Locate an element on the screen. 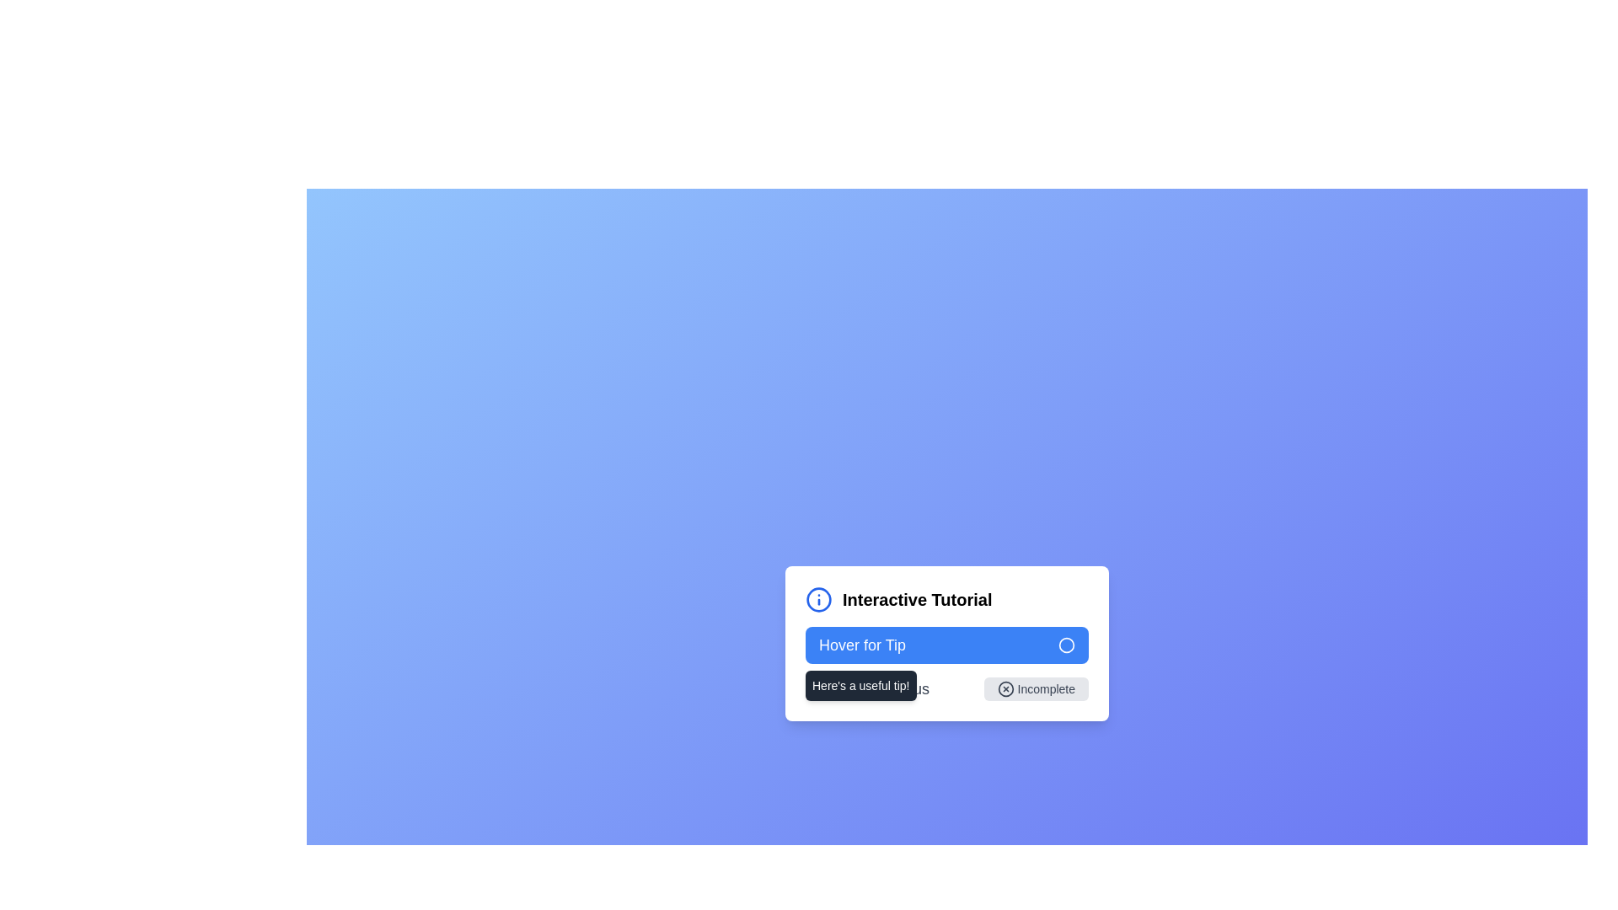 The width and height of the screenshot is (1618, 910). the blue rectangular button labeled 'Hover for Tip' located centrally within its card section, positioned below the 'Interactive Tutorial' title is located at coordinates (946, 643).